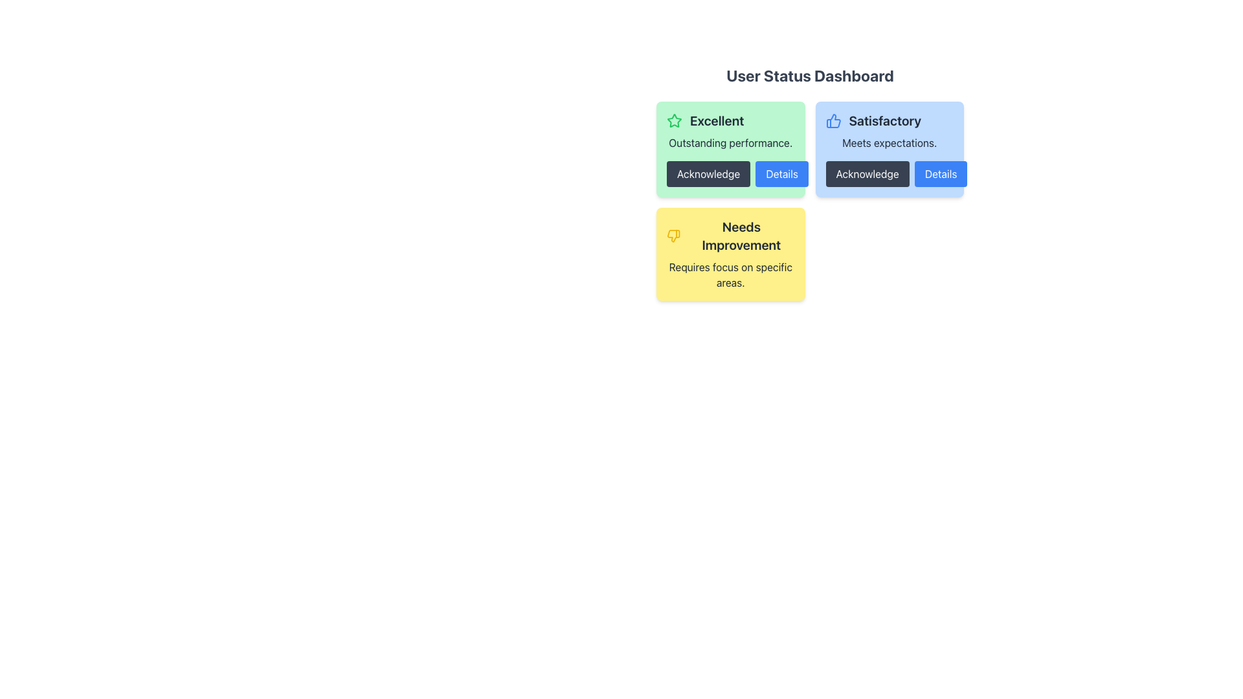 The image size is (1243, 699). Describe the element at coordinates (781, 173) in the screenshot. I see `the second button located under the 'Excellent' section, which is directly to the right of the 'Acknowledge' button` at that location.